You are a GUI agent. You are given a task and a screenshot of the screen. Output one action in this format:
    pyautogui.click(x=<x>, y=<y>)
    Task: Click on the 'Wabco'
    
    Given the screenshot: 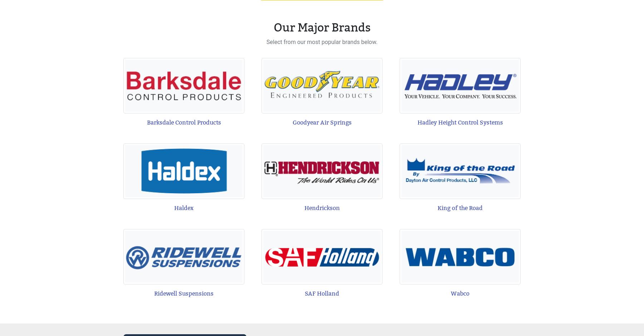 What is the action you would take?
    pyautogui.click(x=460, y=293)
    